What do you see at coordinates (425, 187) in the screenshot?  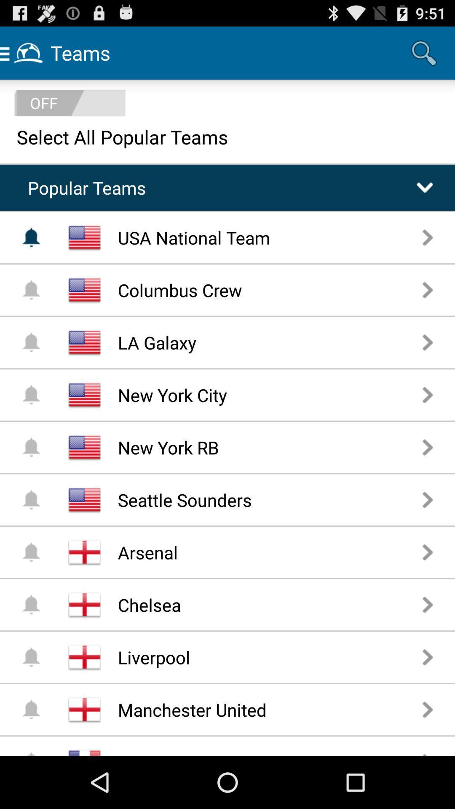 I see `the drop down arrow button` at bounding box center [425, 187].